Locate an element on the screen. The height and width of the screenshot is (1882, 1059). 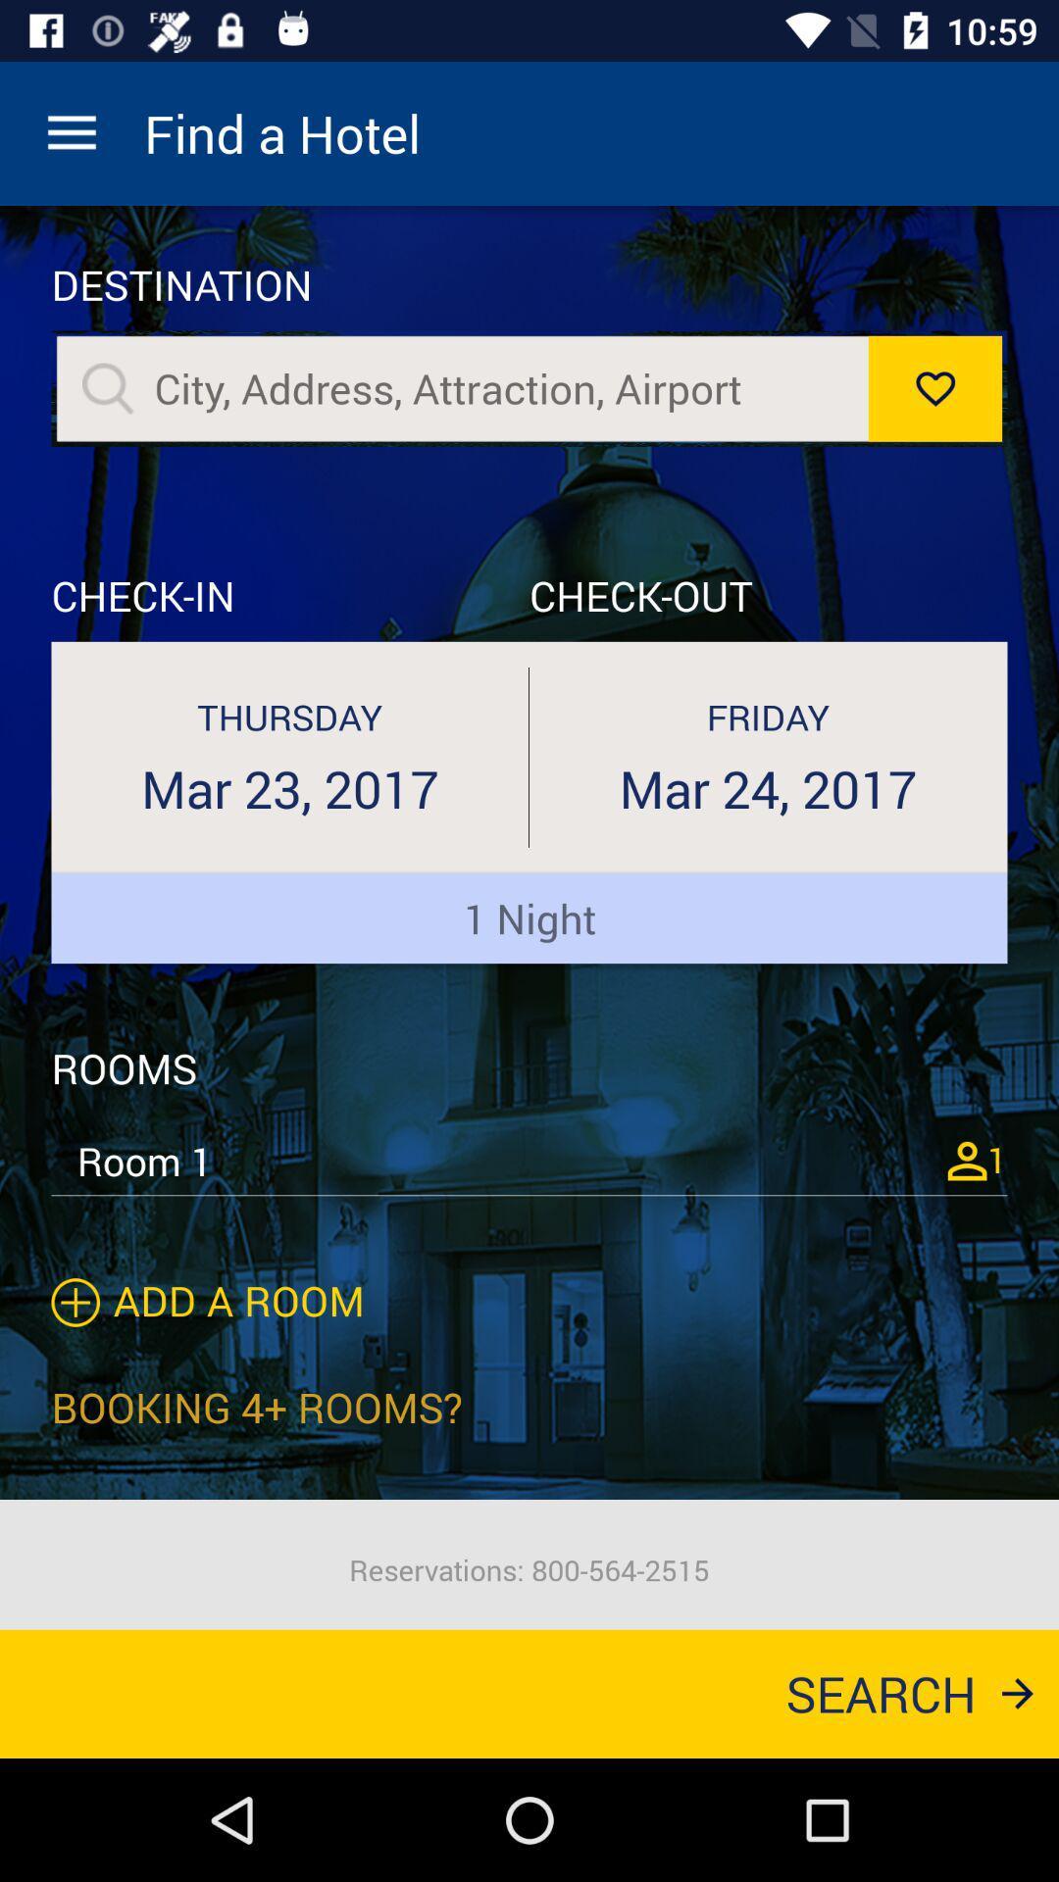
like option is located at coordinates (933, 388).